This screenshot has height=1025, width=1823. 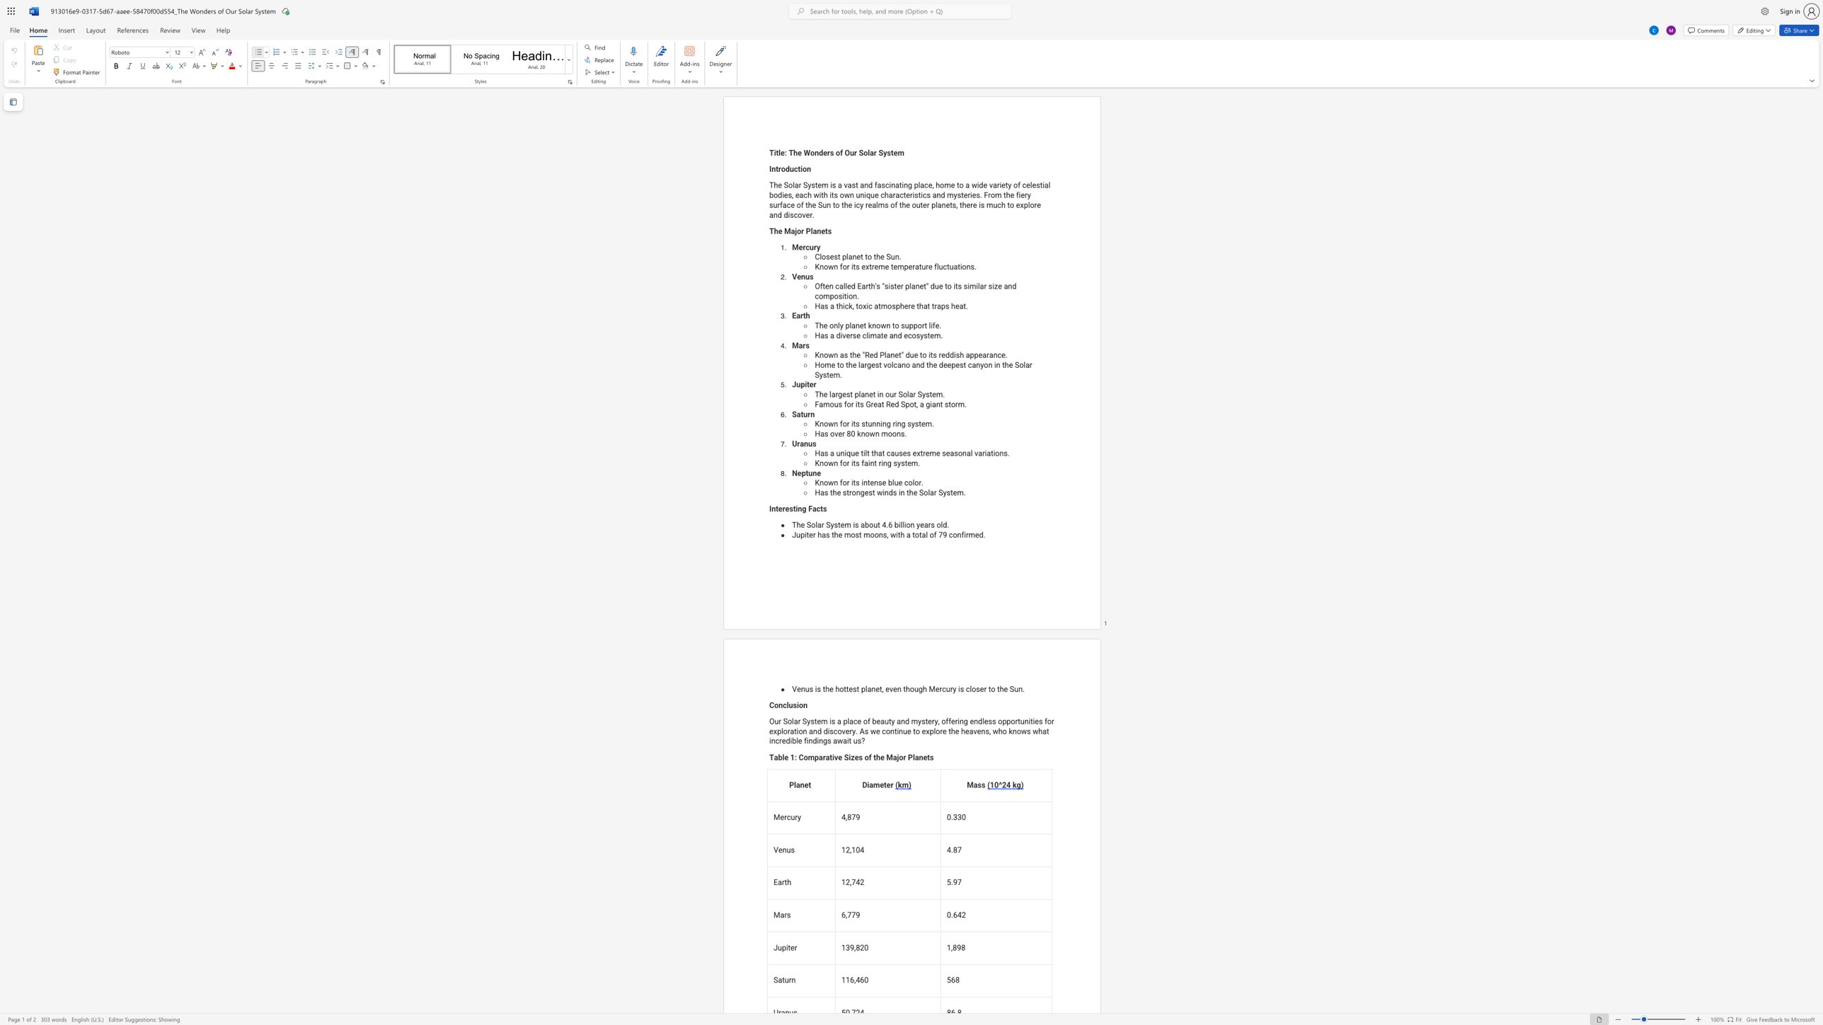 What do you see at coordinates (862, 404) in the screenshot?
I see `the 2th character "s" in the text` at bounding box center [862, 404].